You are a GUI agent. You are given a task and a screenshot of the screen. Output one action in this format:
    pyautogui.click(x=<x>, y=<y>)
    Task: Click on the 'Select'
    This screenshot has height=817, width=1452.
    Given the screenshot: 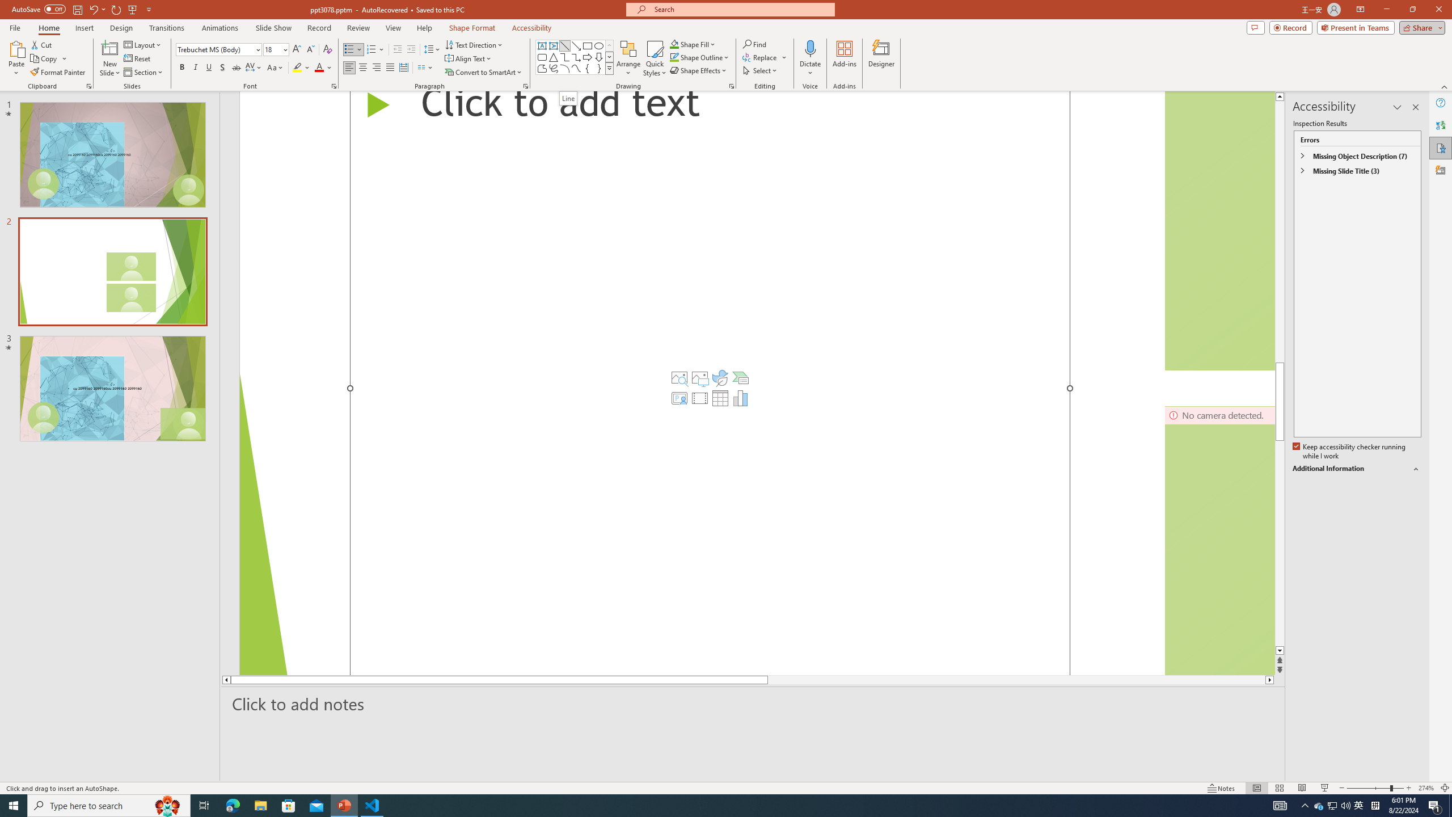 What is the action you would take?
    pyautogui.click(x=761, y=69)
    